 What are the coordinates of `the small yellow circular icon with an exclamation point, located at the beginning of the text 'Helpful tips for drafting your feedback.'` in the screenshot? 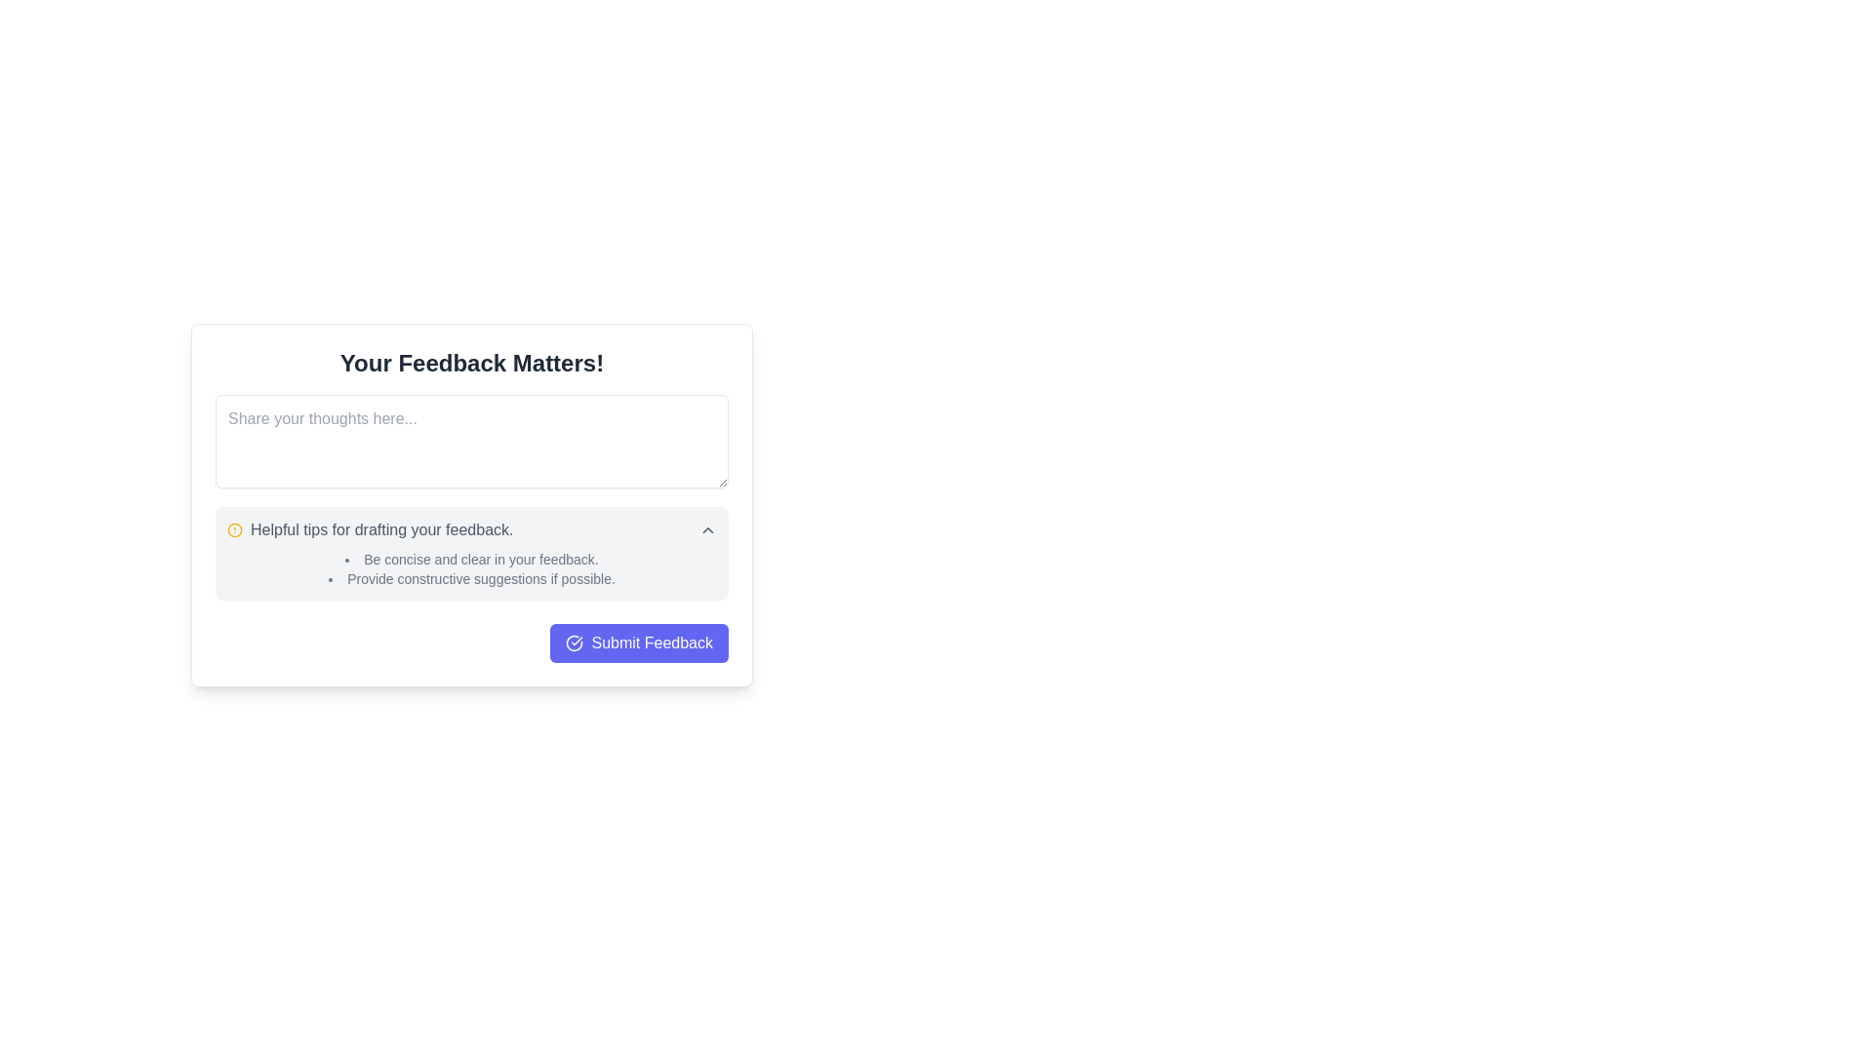 It's located at (234, 529).